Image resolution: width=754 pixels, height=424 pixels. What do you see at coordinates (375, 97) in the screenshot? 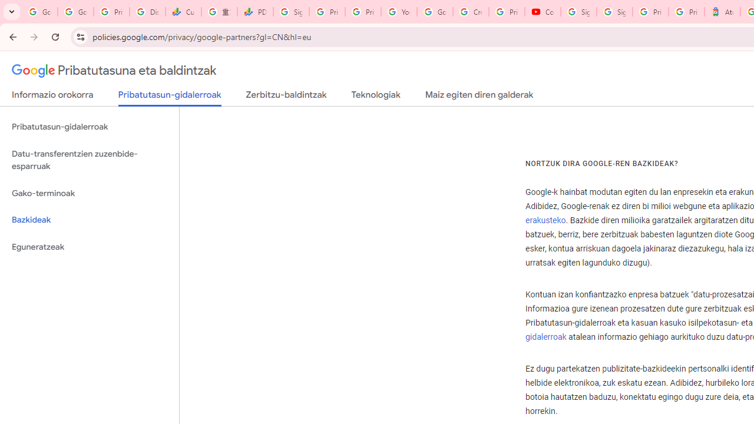
I see `'Teknologiak'` at bounding box center [375, 97].